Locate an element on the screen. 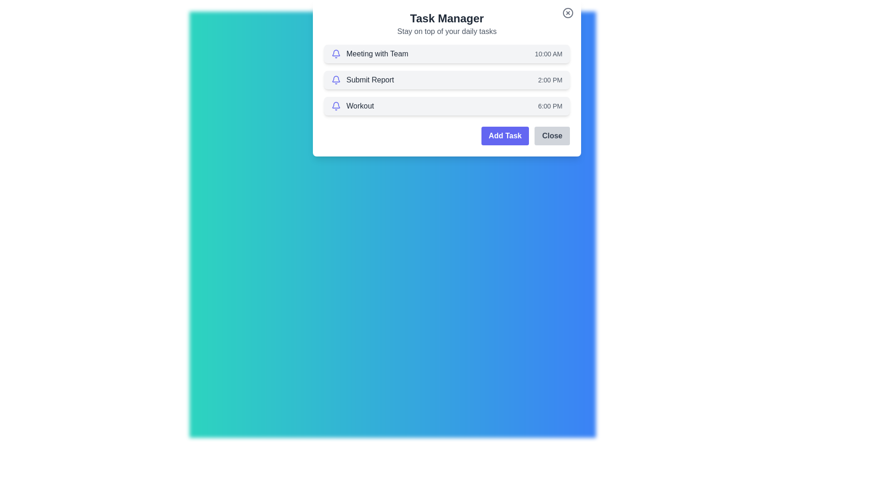  the 'Submit Report' list item is located at coordinates (362, 80).